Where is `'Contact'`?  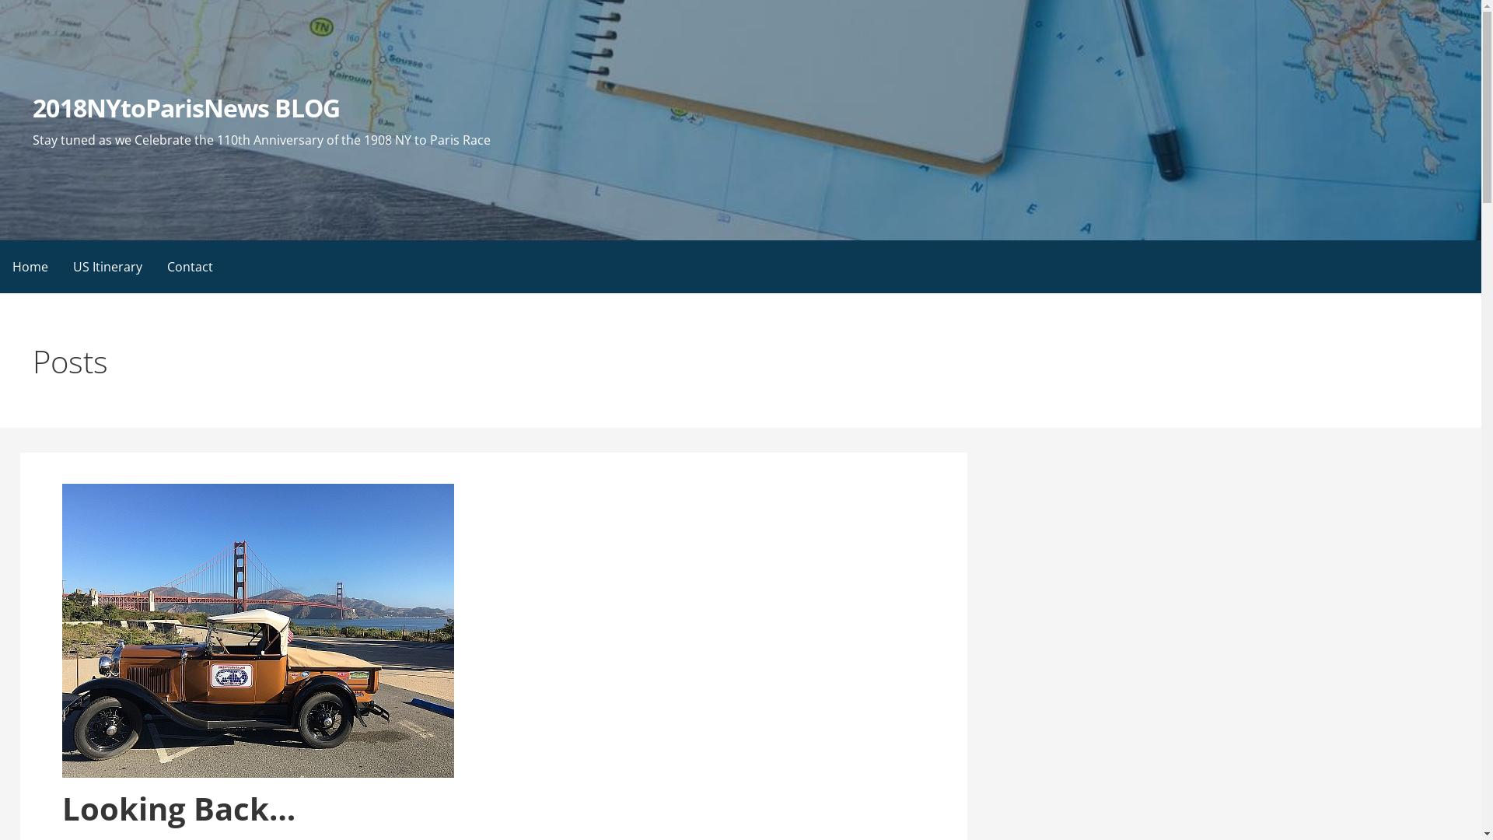
'Contact' is located at coordinates (189, 265).